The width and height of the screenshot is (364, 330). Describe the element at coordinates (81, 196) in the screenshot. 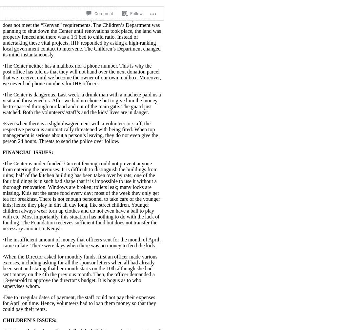

I see `'·The Center is under-funded. Current fencing could not prevent anyone from entering the premises. It is difficult to distinguish the buildings from ruins; half of the kitchen building has been taken over by rats; one of the four buildings is in such bad shape that it is impossible to use it without a thorough renovation. Windows are broken; toilets leak; many locks are missing. Kids eat the same food every day; most of the week they only get tea for breakfast. There is not enough personnel to take care of the younger kids; hence they play in dirt all day long, like street children. Younger children always wear torn up clothes and do not even have a ball to play with etc. Most importantly, this situation has nothing to do with the lack of funding. The Foundation receives sufficient fund but does not transfer the necessary amount to Kenya.'` at that location.